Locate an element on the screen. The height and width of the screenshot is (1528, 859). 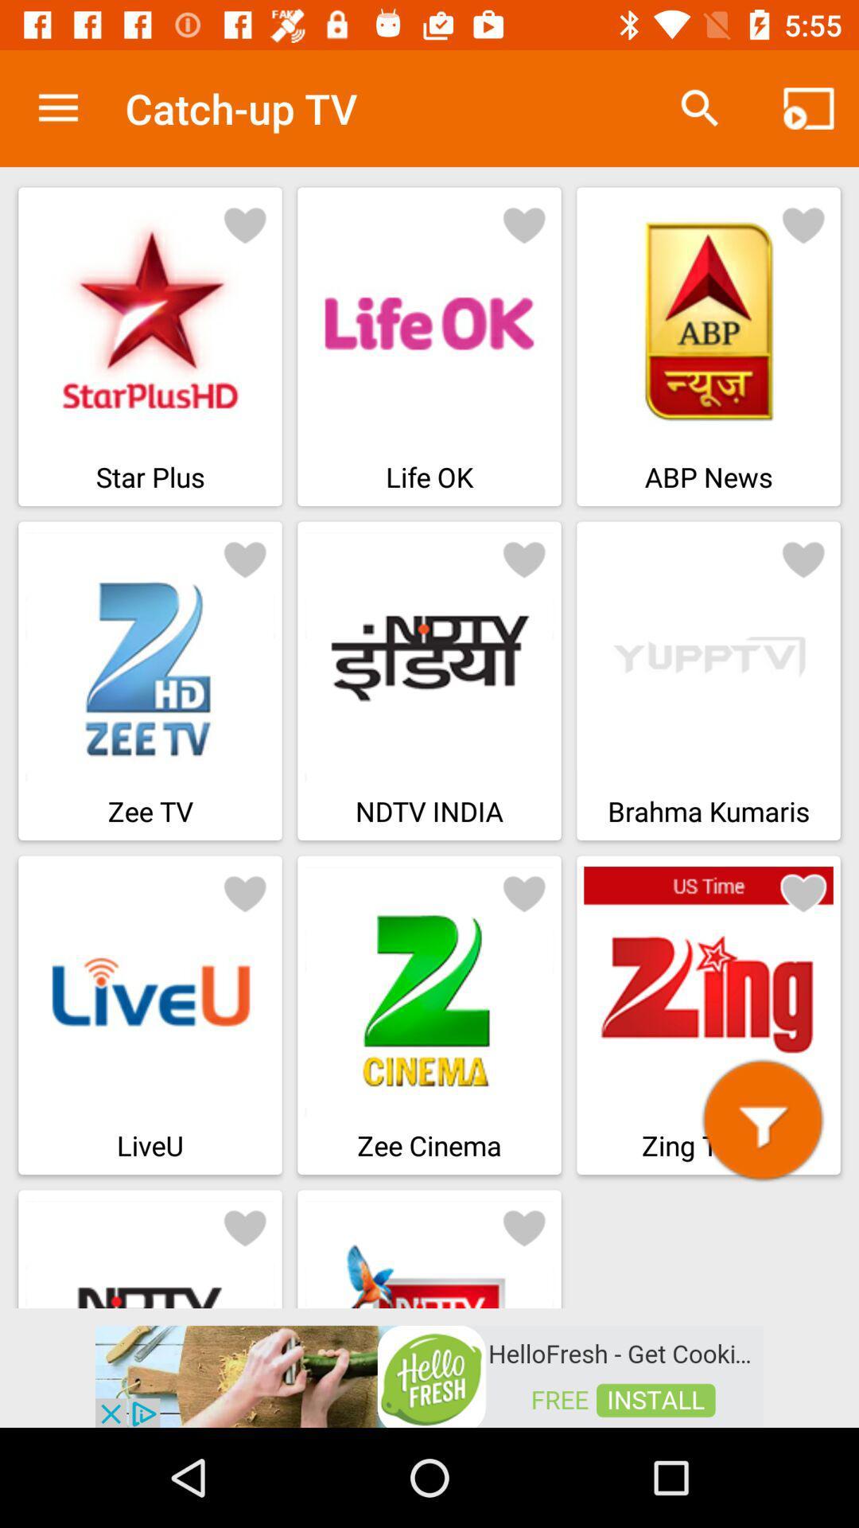
like option is located at coordinates (524, 1226).